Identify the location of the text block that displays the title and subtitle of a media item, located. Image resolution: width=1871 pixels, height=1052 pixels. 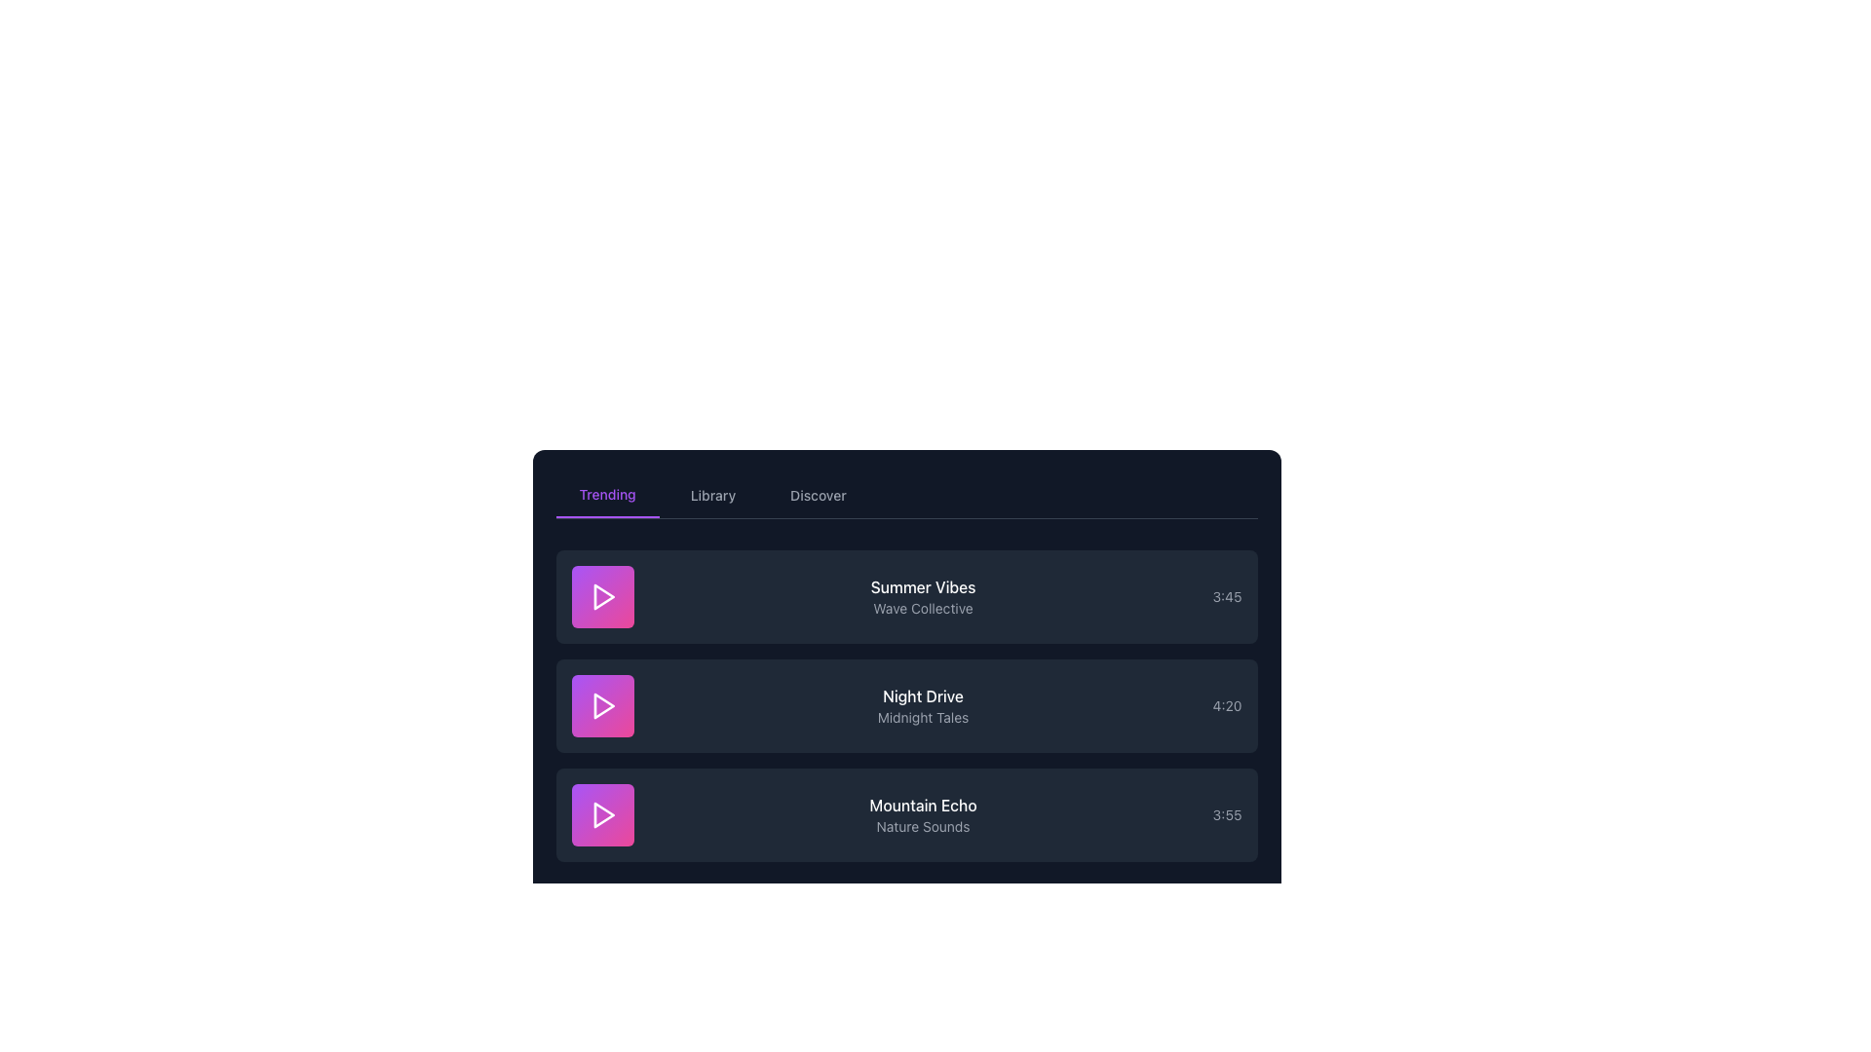
(922, 706).